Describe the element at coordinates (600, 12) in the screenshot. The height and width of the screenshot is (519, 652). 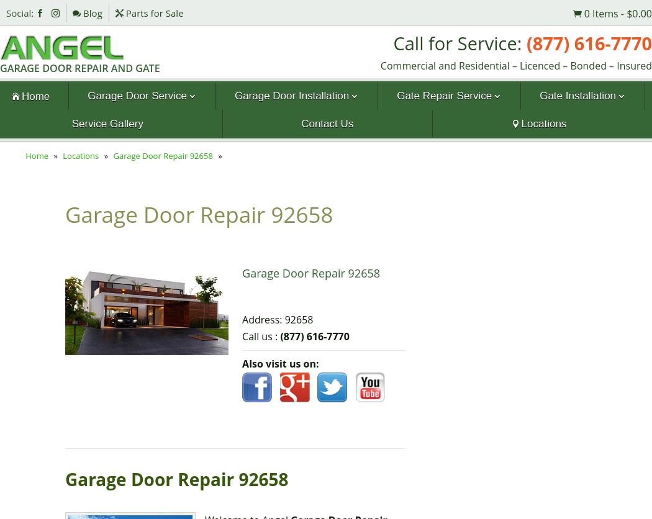
I see `'0 Items'` at that location.